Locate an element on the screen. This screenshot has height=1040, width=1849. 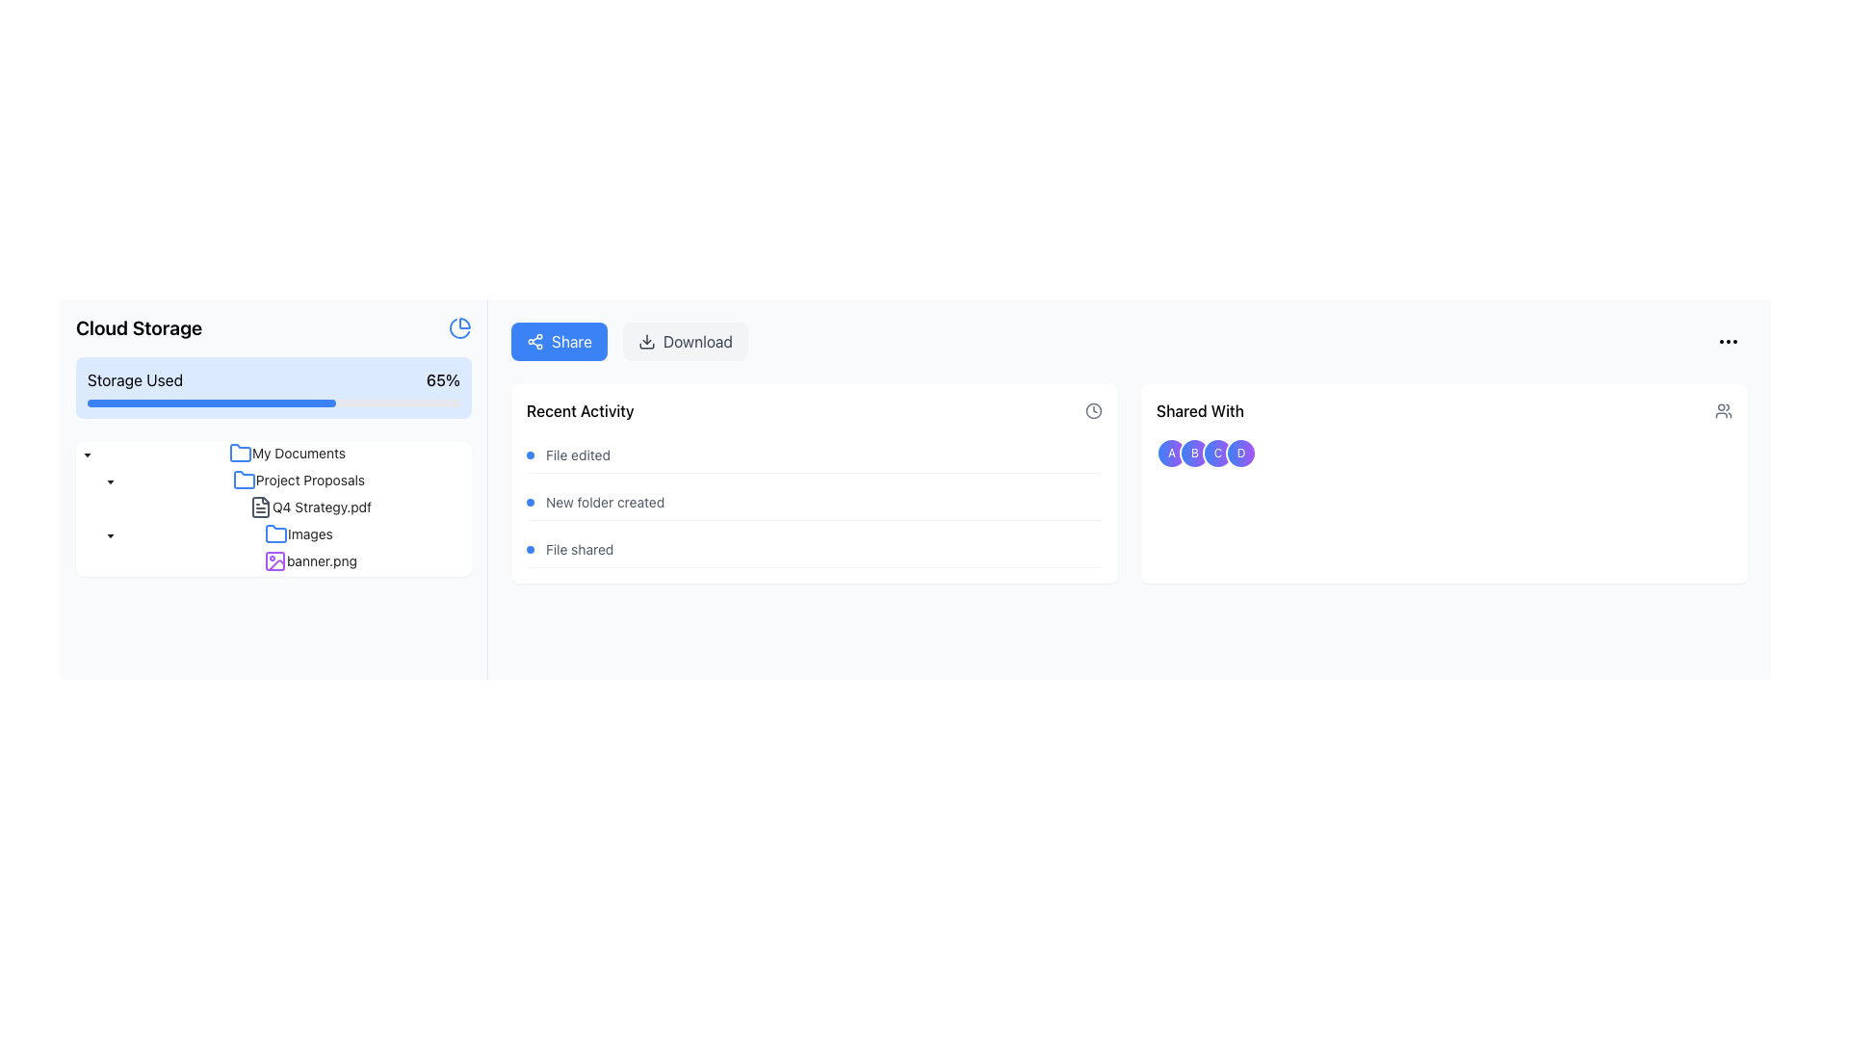
the circular user identifier or avatar representing the user 'B' is located at coordinates (1194, 453).